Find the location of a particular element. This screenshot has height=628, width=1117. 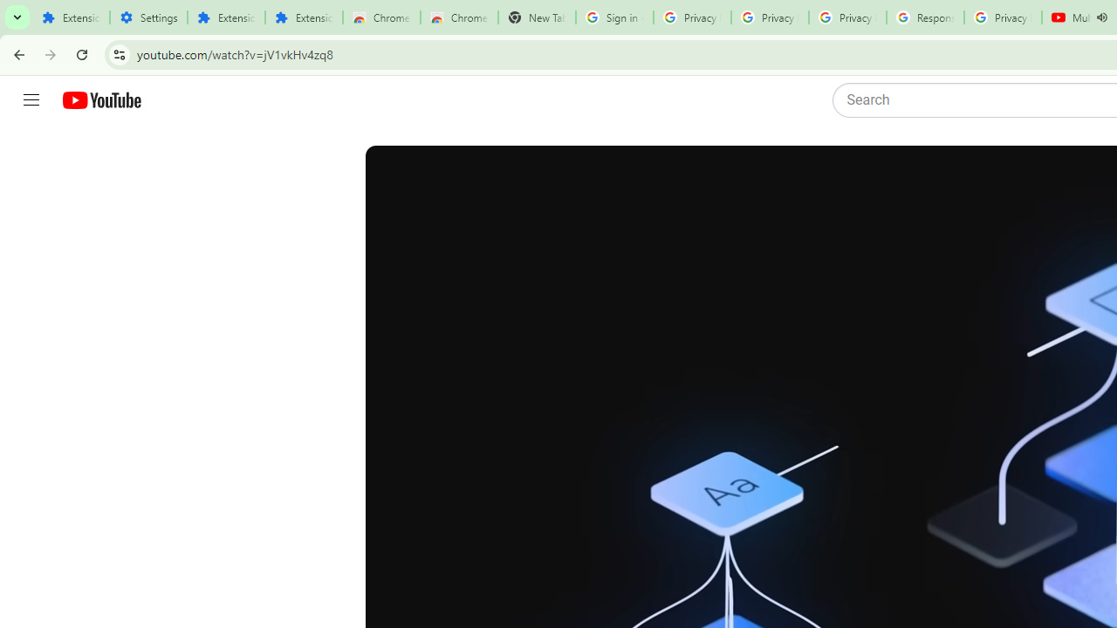

'Chrome Web Store - Themes' is located at coordinates (459, 17).